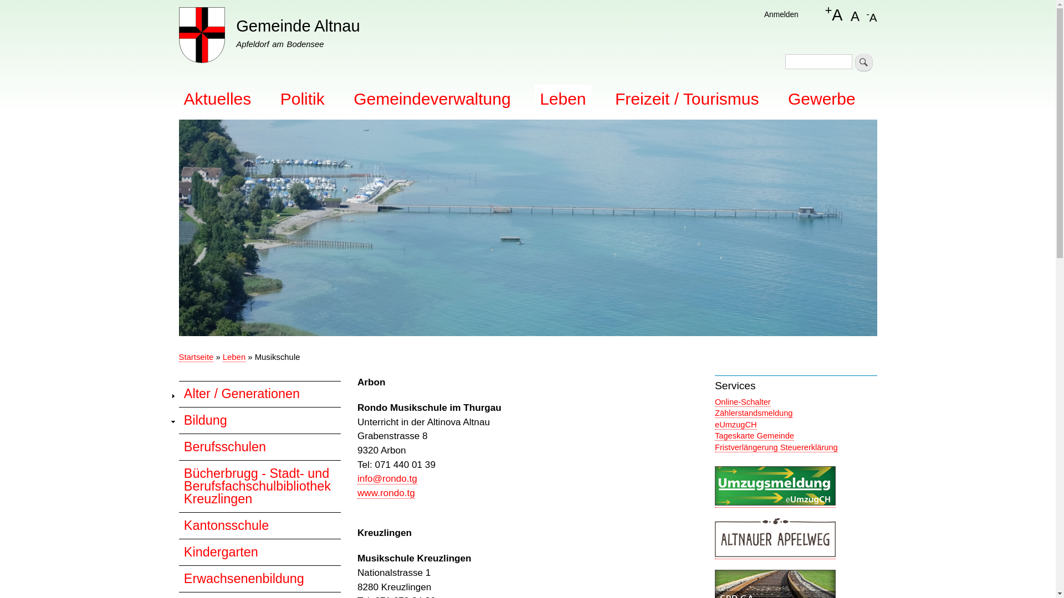 Image resolution: width=1064 pixels, height=598 pixels. Describe the element at coordinates (196, 357) in the screenshot. I see `'Startseite'` at that location.